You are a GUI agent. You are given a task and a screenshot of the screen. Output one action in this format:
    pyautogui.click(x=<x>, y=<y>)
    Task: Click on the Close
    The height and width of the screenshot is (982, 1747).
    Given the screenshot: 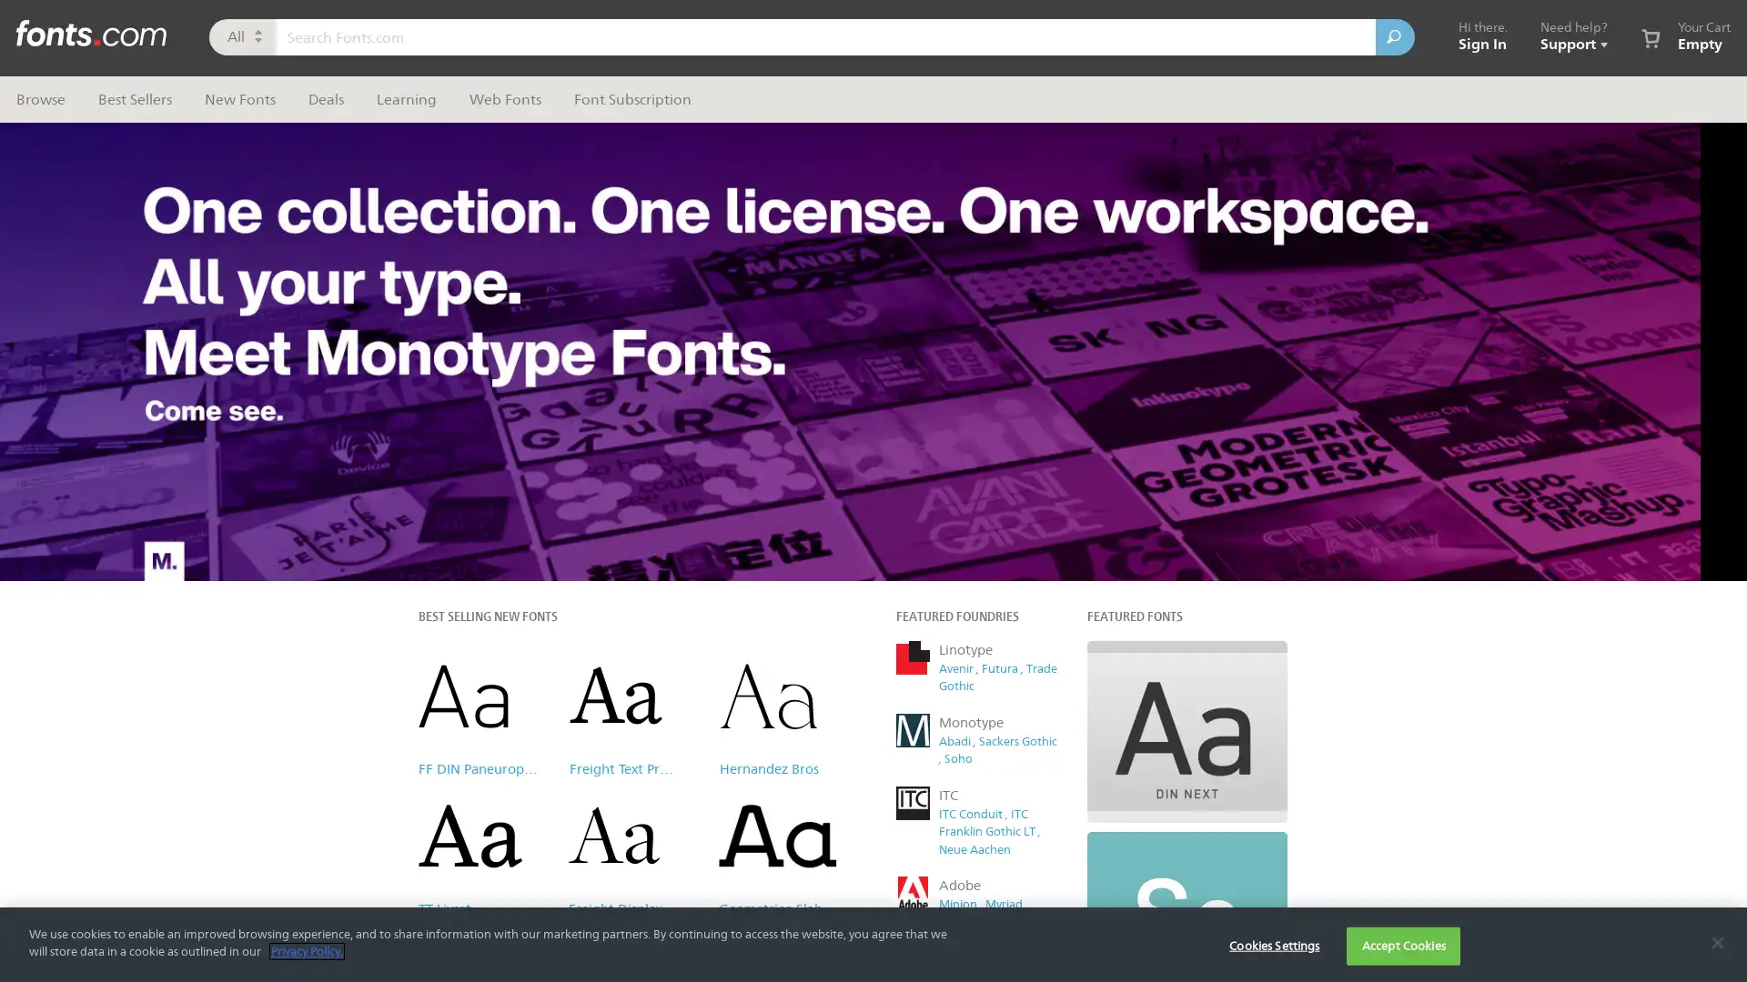 What is the action you would take?
    pyautogui.click(x=1215, y=131)
    